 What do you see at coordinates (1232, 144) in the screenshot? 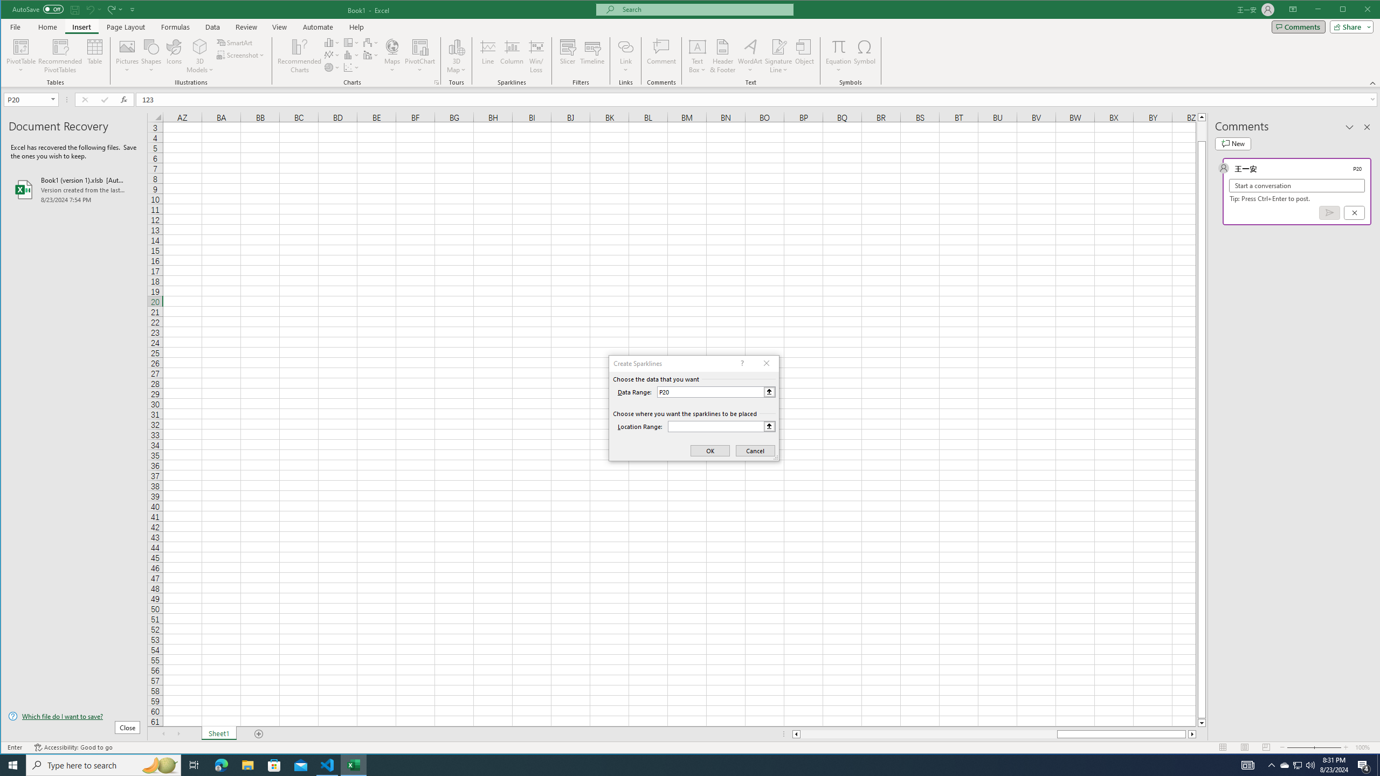
I see `'New comment'` at bounding box center [1232, 144].